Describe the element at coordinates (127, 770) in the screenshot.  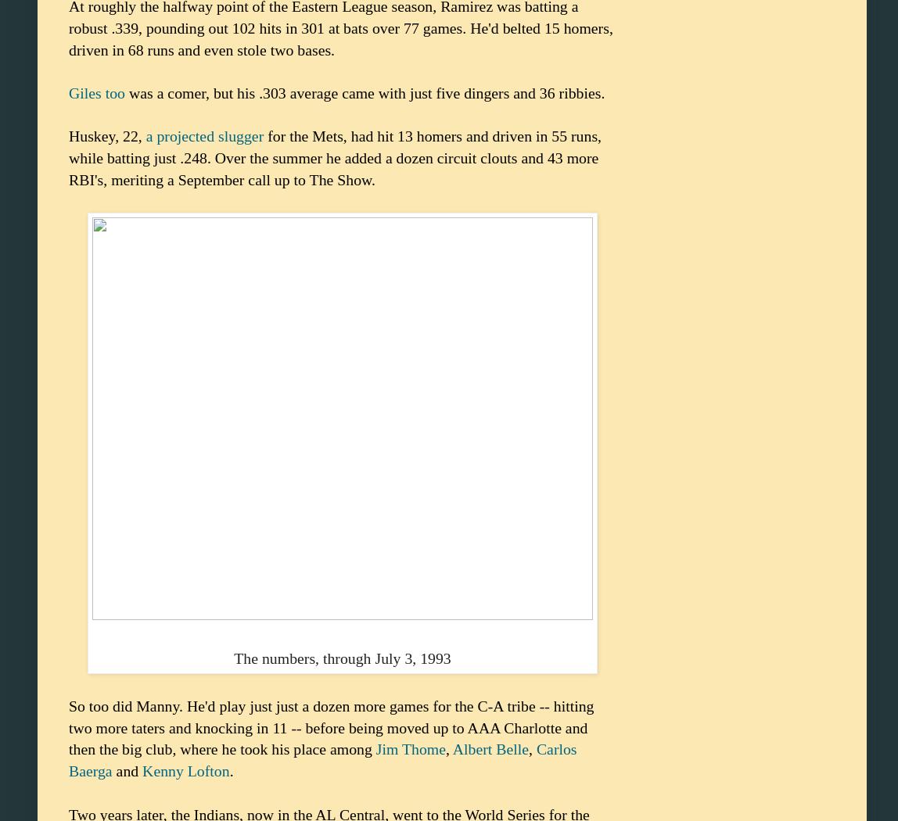
I see `'and'` at that location.